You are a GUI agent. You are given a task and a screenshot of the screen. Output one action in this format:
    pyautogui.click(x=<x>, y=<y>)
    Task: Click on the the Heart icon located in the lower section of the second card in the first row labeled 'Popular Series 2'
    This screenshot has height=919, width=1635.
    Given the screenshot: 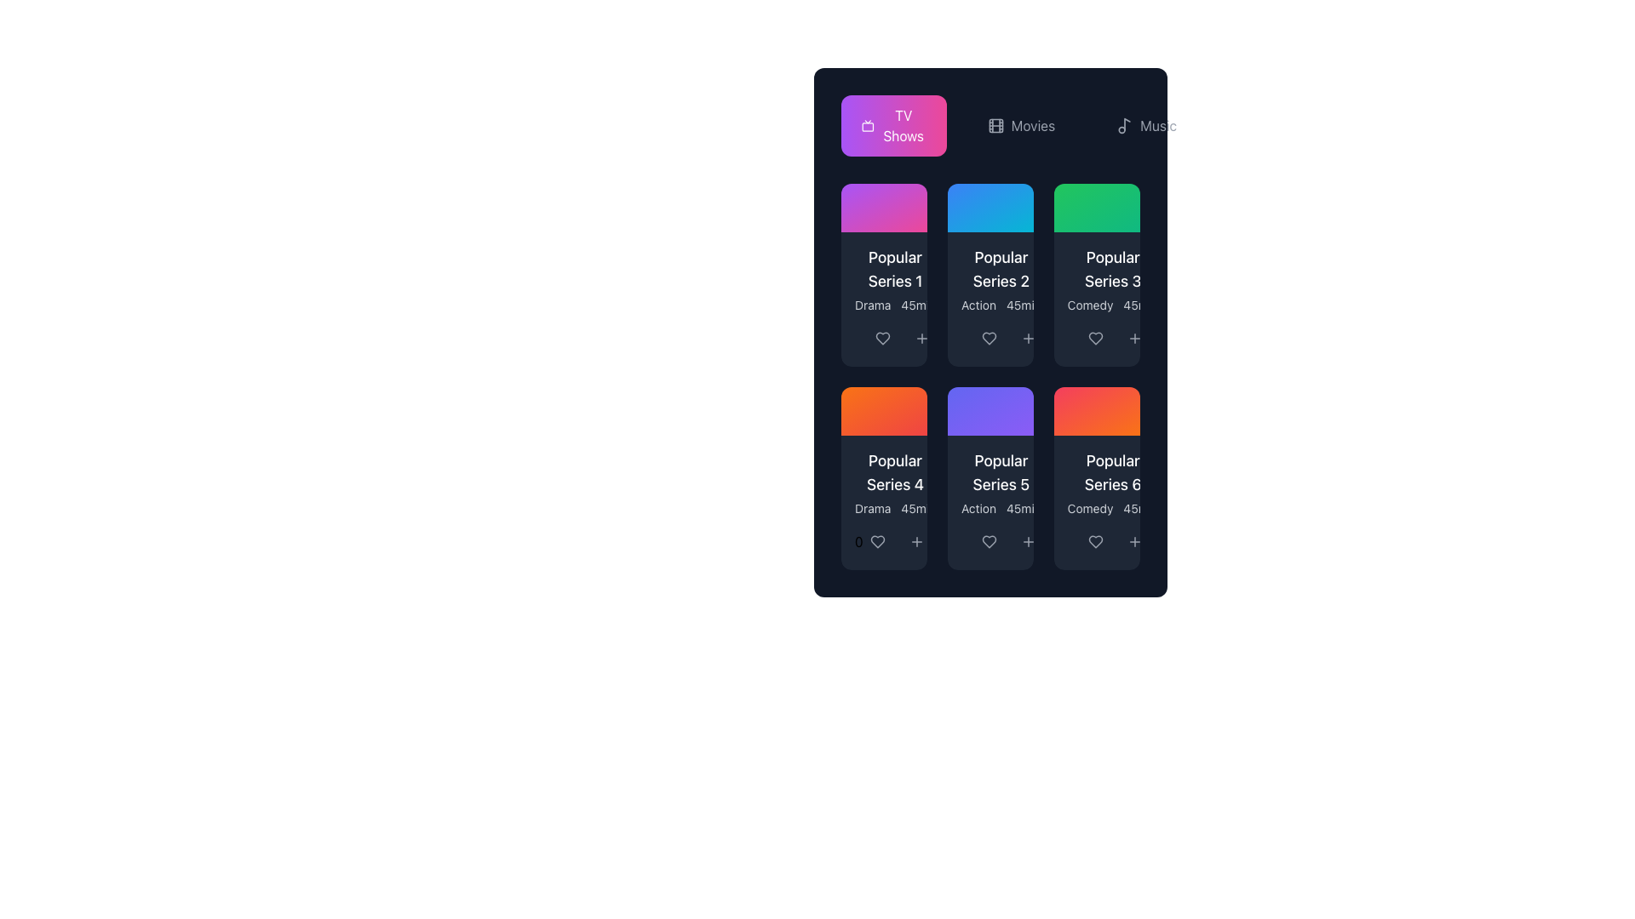 What is the action you would take?
    pyautogui.click(x=989, y=338)
    